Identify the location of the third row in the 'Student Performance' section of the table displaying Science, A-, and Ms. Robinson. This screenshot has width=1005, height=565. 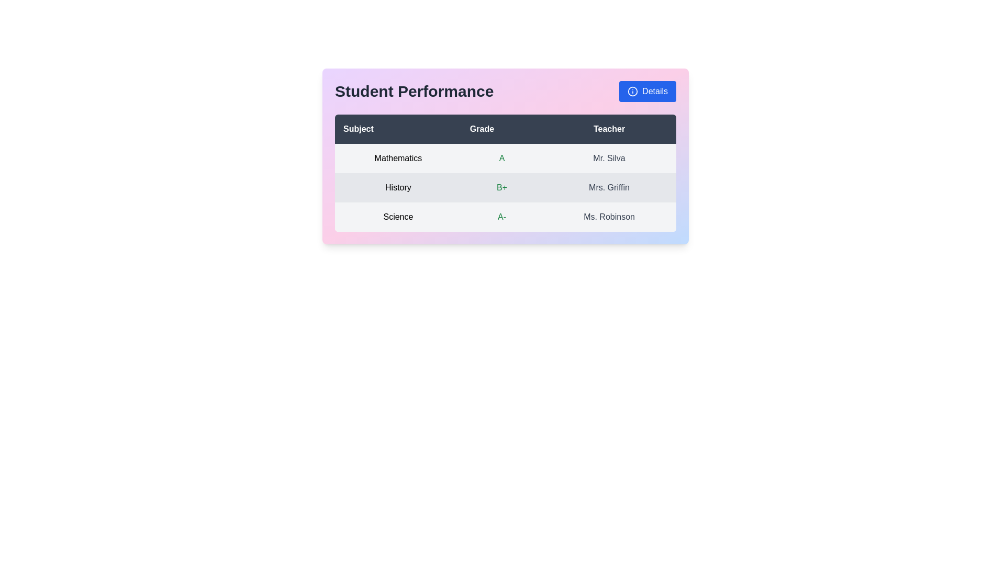
(505, 217).